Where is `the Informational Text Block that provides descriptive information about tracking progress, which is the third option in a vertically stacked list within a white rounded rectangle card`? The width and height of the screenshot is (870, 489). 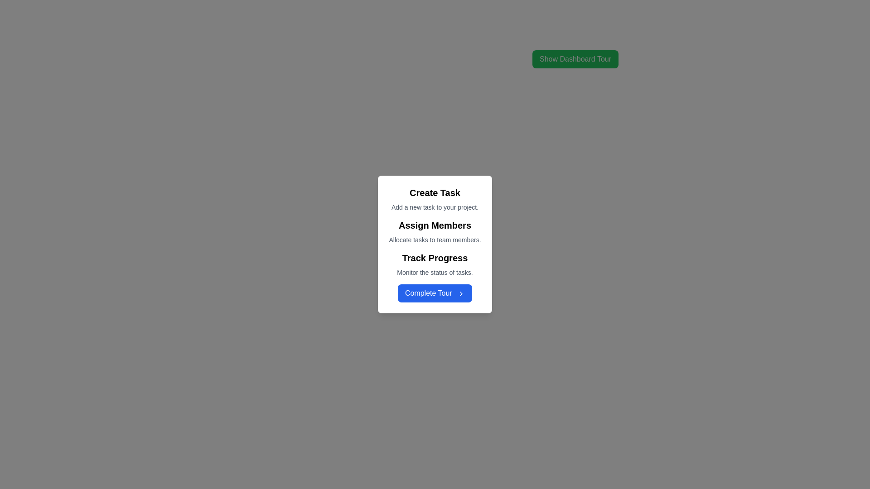 the Informational Text Block that provides descriptive information about tracking progress, which is the third option in a vertically stacked list within a white rounded rectangle card is located at coordinates (435, 264).